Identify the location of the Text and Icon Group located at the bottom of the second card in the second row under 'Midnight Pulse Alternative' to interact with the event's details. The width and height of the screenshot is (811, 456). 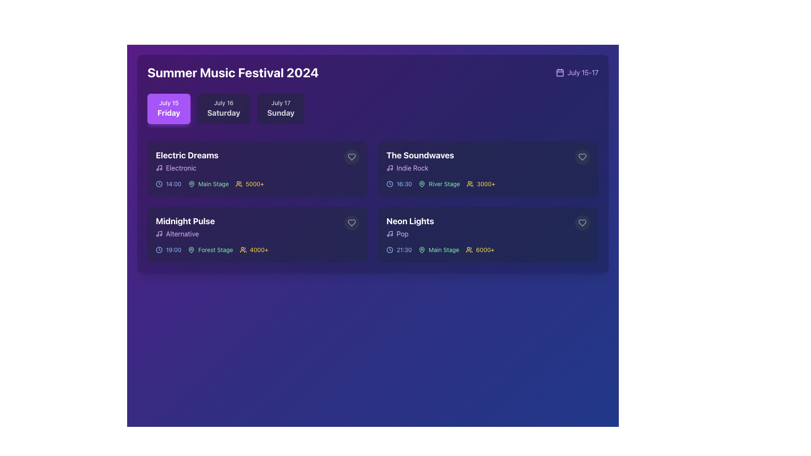
(257, 249).